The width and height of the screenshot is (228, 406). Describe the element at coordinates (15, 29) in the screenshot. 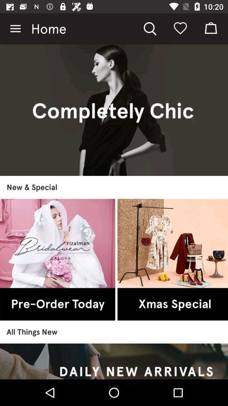

I see `the item to the left of the home icon` at that location.